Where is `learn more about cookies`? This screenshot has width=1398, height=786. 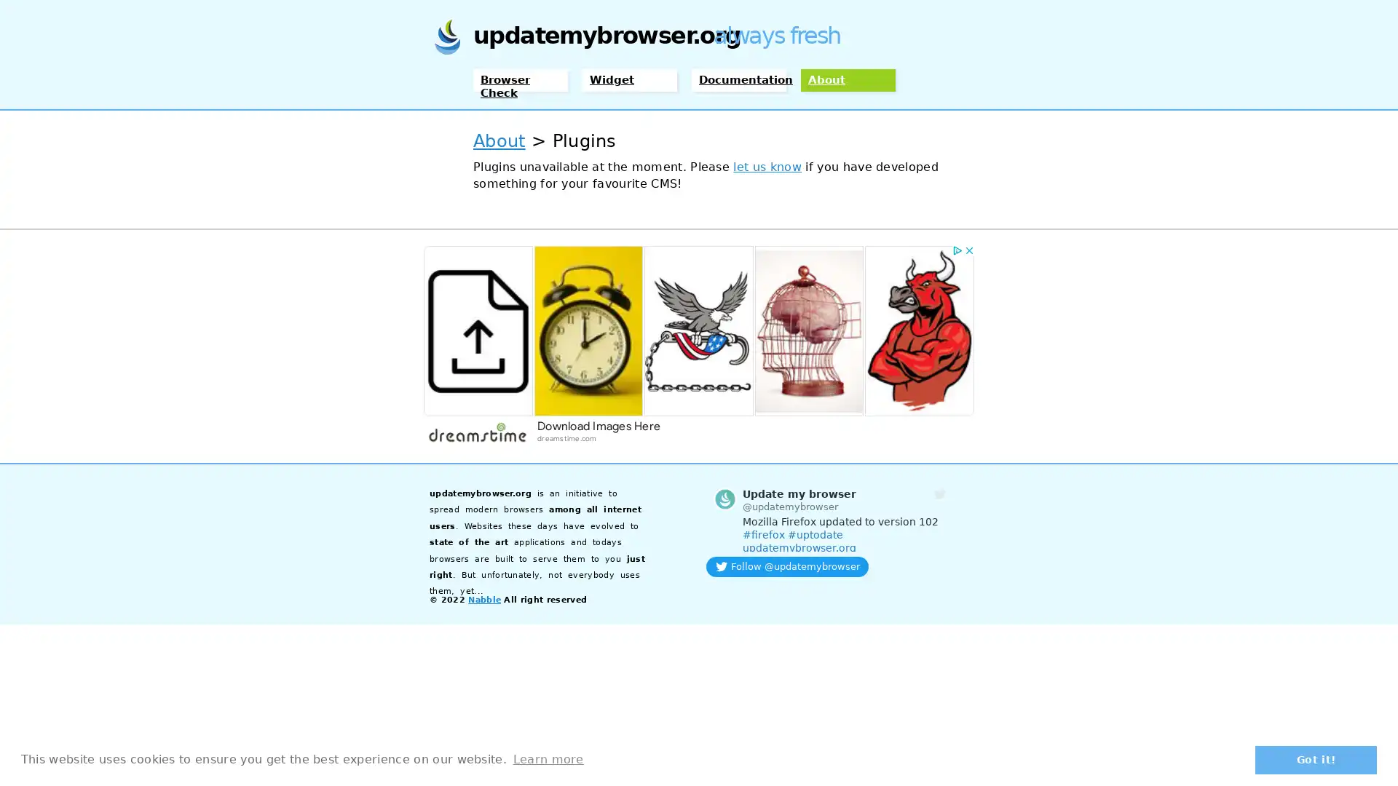
learn more about cookies is located at coordinates (547, 759).